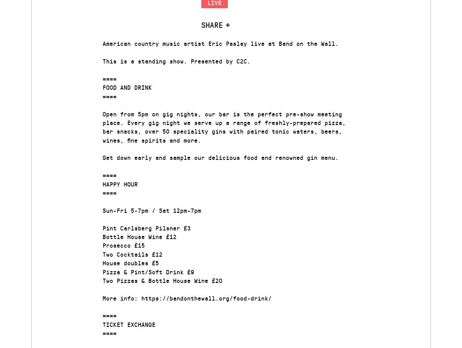 Image resolution: width=462 pixels, height=348 pixels. I want to click on 'Two Cocktails £12', so click(132, 253).